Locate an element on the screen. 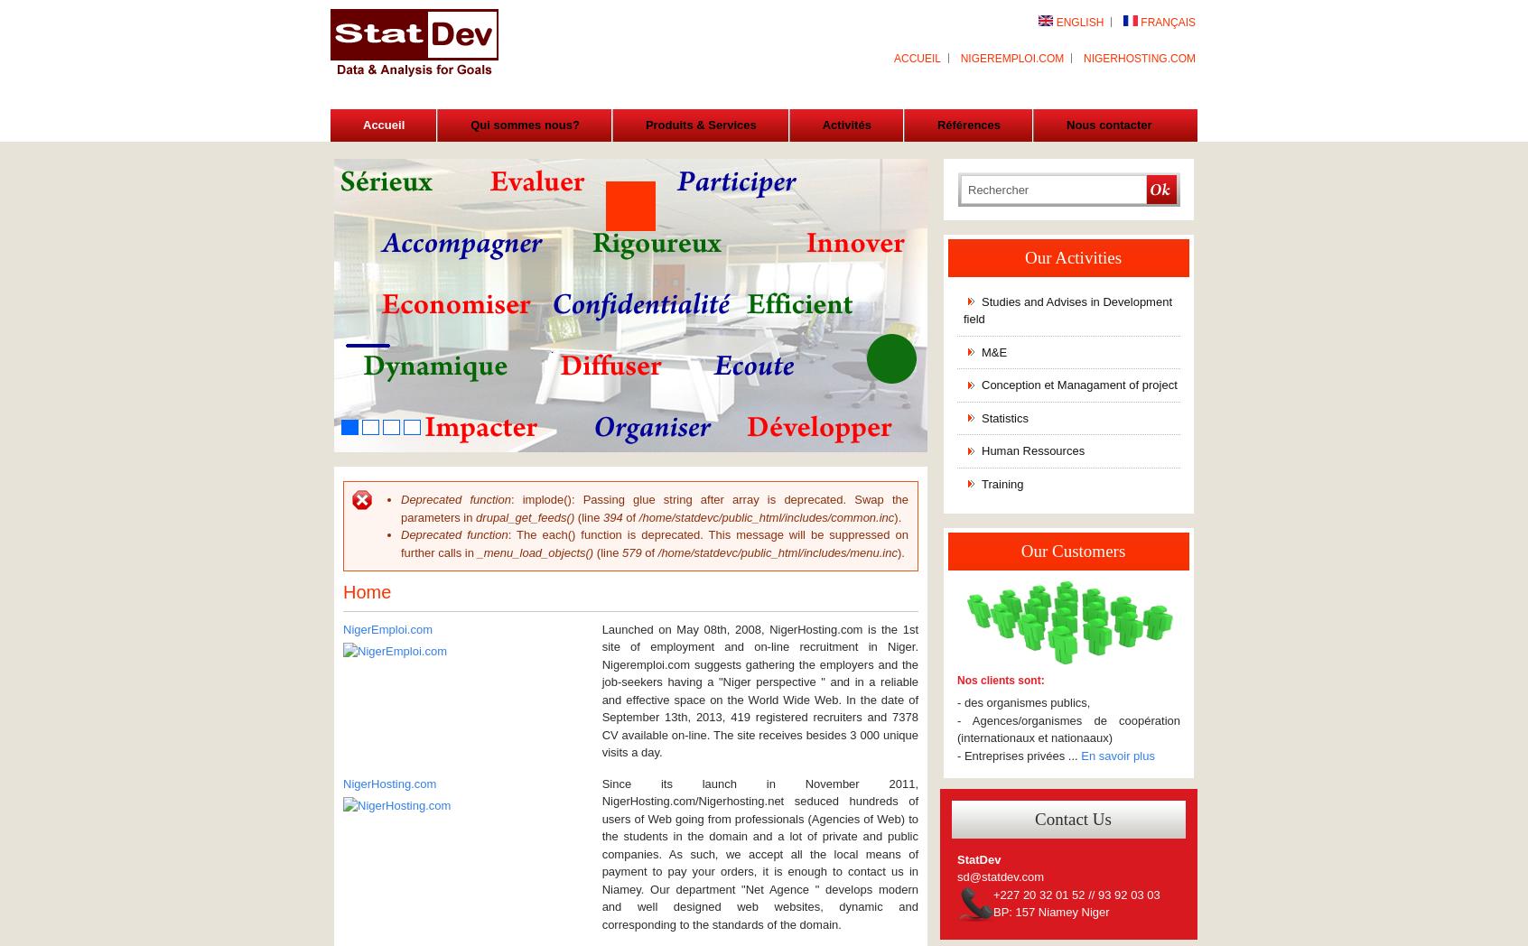 The width and height of the screenshot is (1528, 946). 'English' is located at coordinates (1077, 22).